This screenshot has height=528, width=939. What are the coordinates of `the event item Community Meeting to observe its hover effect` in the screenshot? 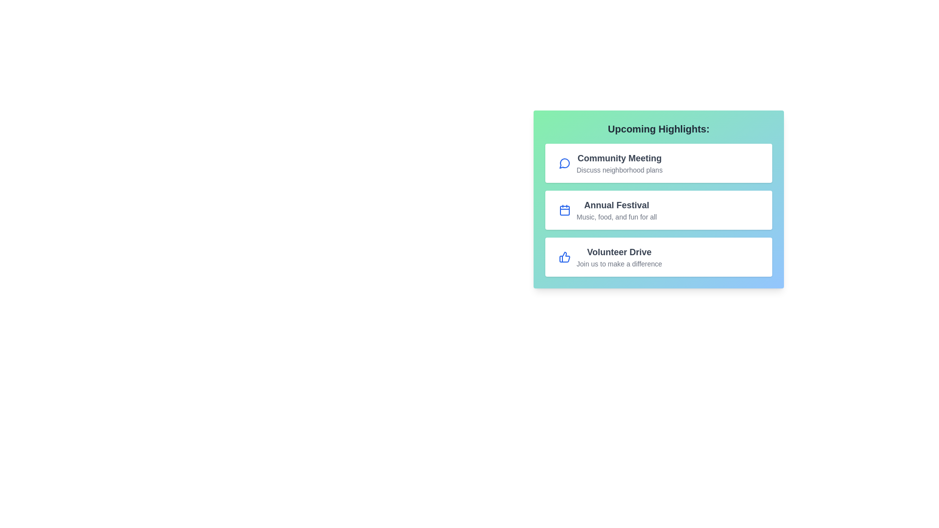 It's located at (659, 163).